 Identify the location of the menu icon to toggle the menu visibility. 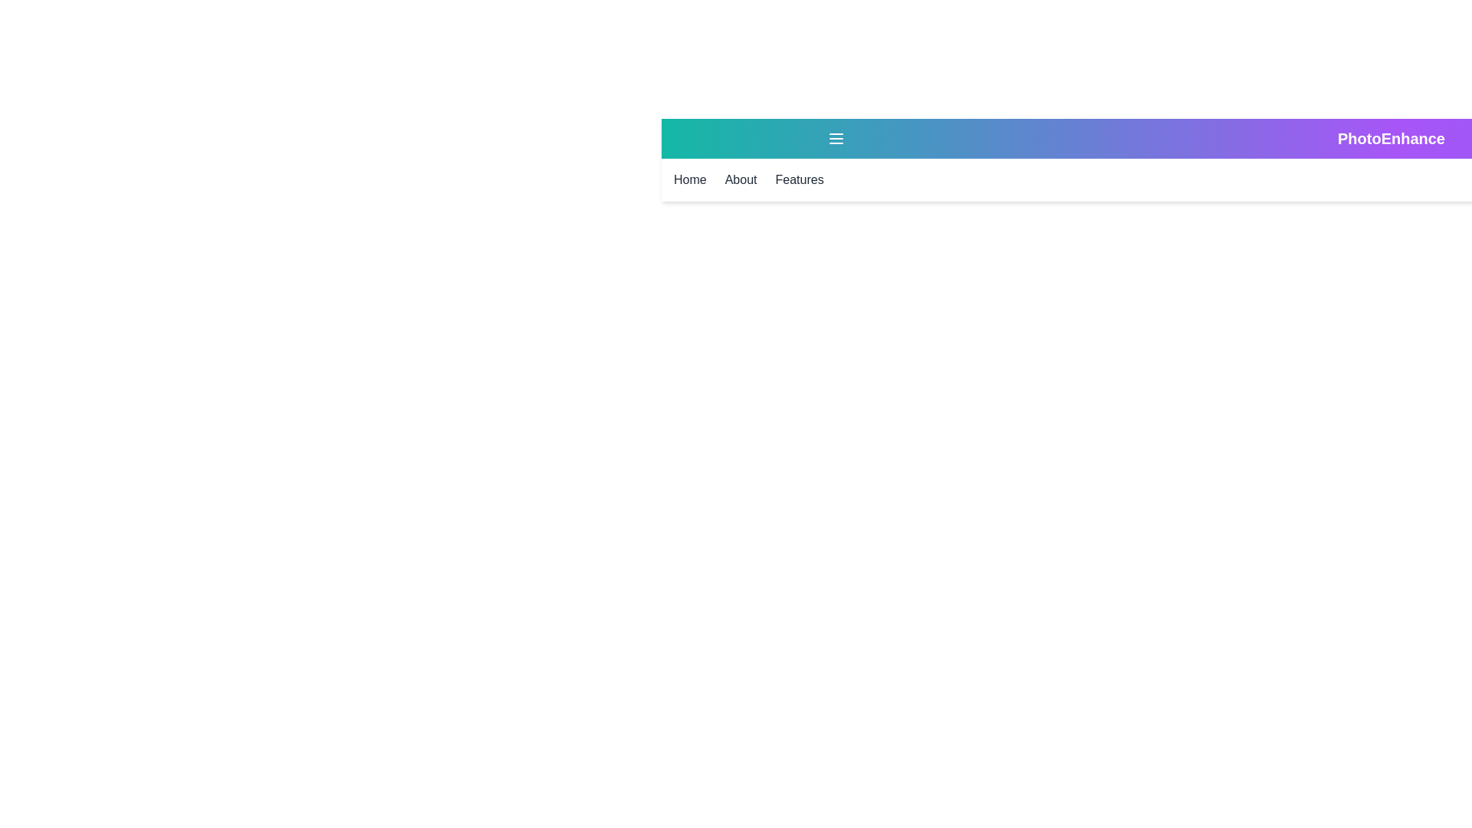
(835, 139).